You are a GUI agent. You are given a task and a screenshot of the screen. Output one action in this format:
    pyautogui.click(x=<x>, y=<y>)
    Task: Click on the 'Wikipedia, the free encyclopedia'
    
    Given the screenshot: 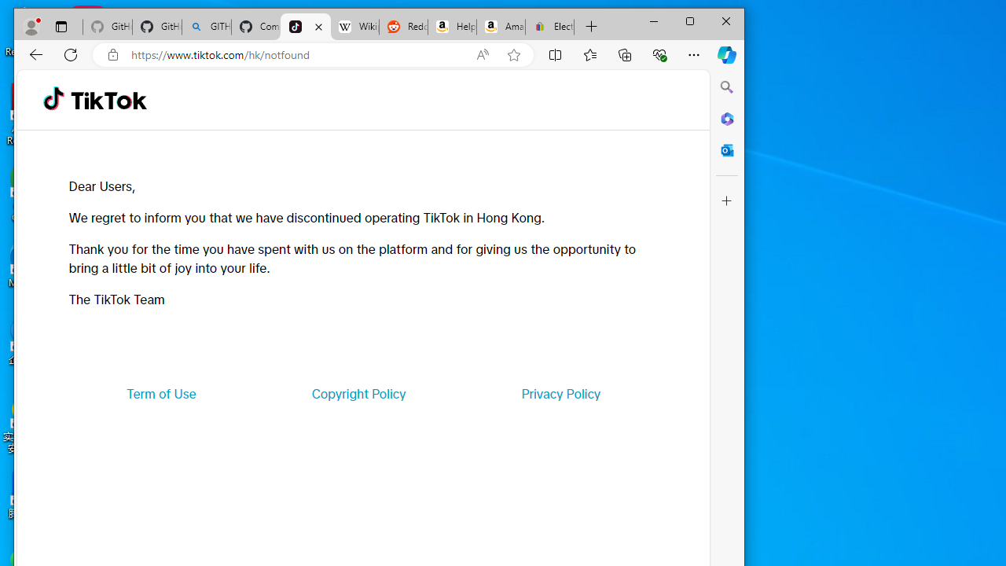 What is the action you would take?
    pyautogui.click(x=354, y=27)
    